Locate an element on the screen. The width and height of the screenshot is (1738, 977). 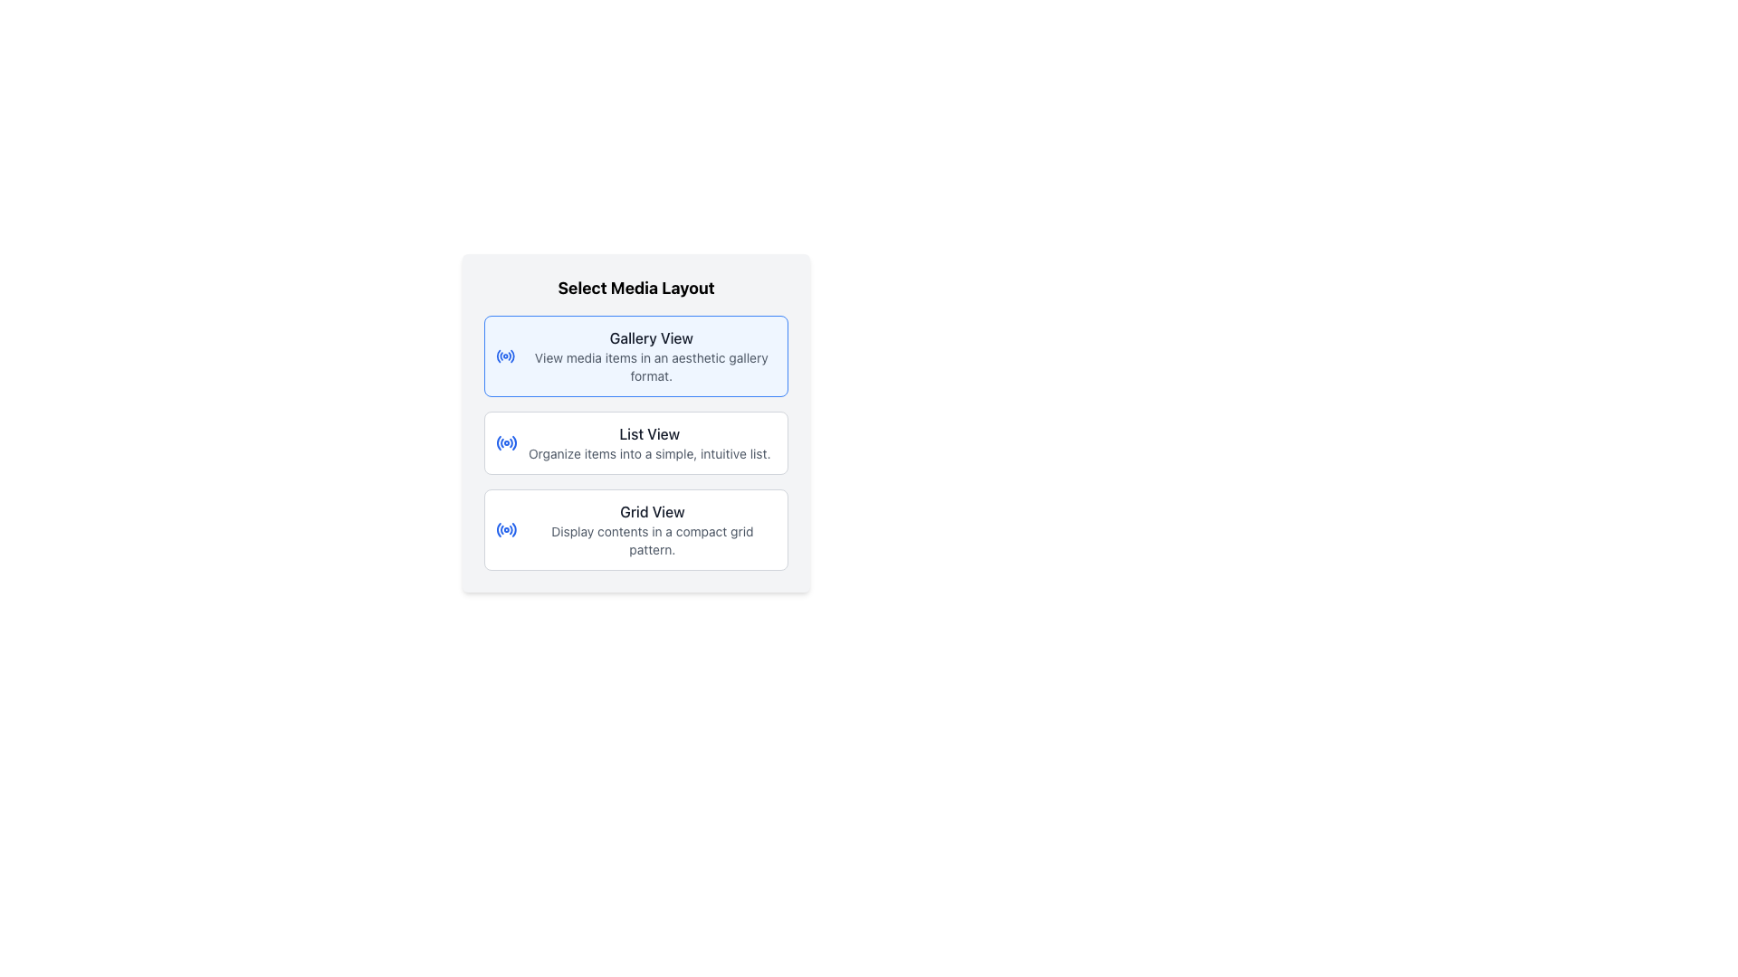
the circular icon styled as a radio button with a thin blue outline, located to the left of the 'Grid View' text within the 'Grid View' option card is located at coordinates (506, 529).